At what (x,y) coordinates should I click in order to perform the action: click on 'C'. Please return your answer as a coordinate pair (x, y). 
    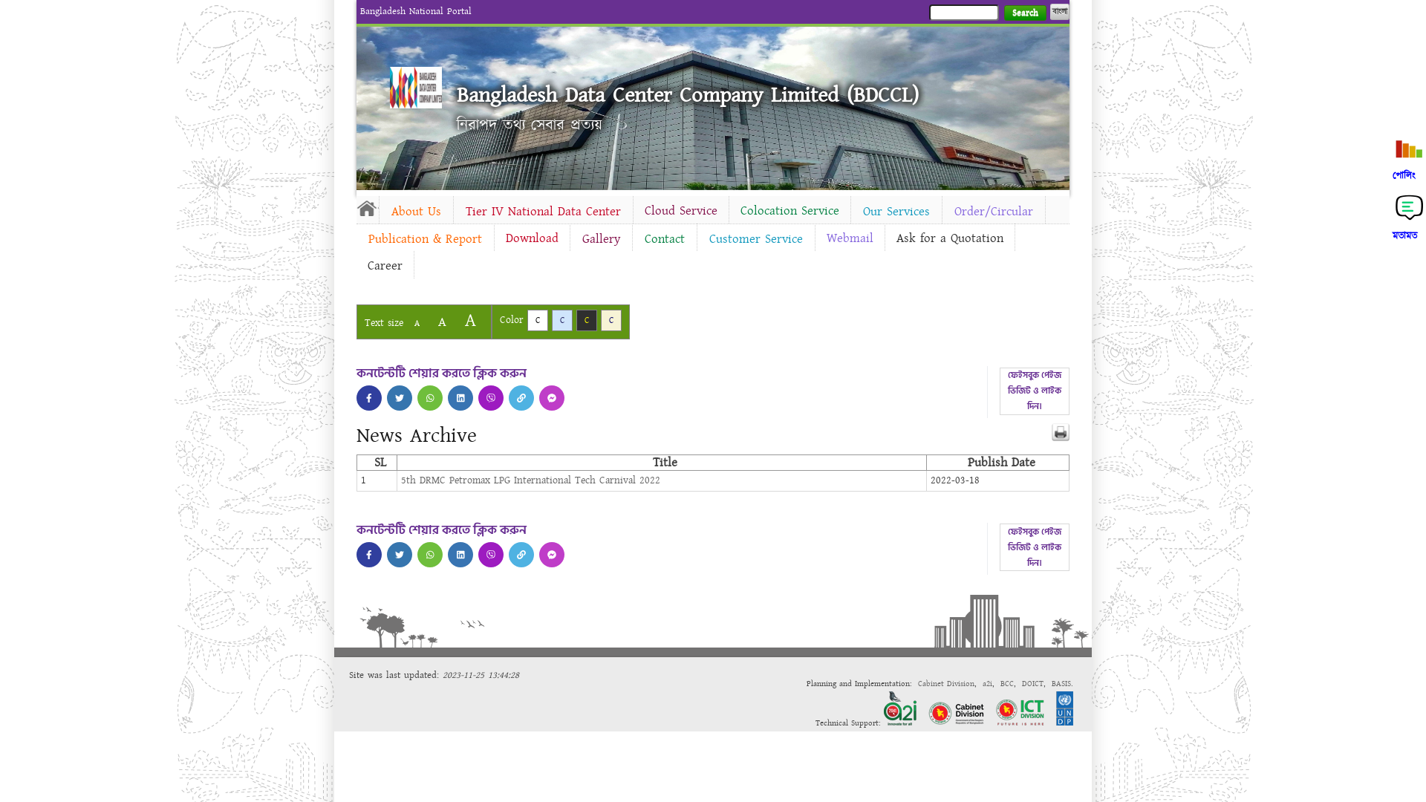
    Looking at the image, I should click on (561, 319).